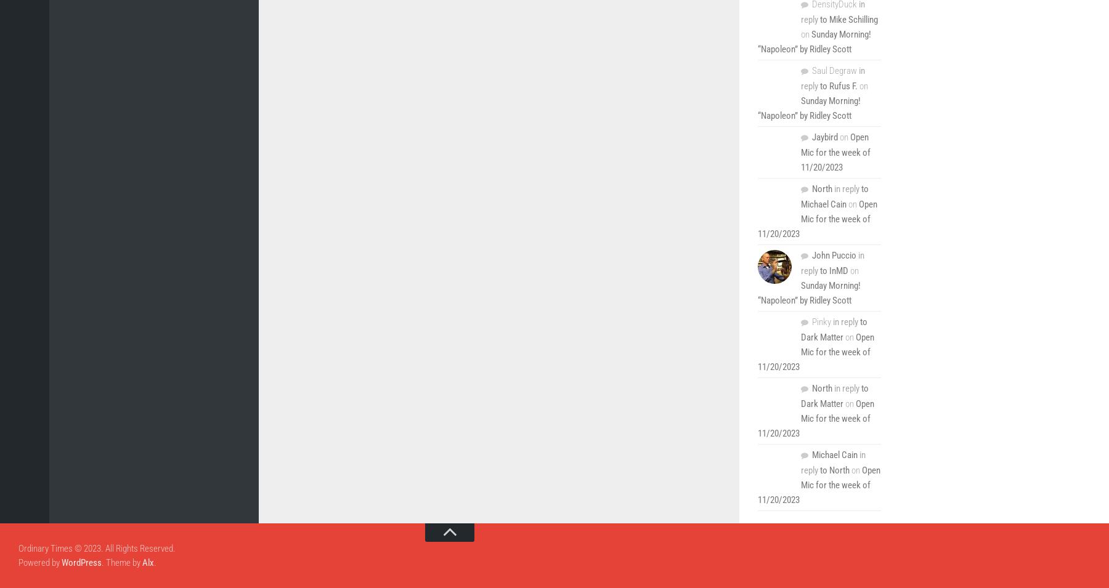 This screenshot has width=1109, height=588. Describe the element at coordinates (122, 562) in the screenshot. I see `'. Theme by'` at that location.